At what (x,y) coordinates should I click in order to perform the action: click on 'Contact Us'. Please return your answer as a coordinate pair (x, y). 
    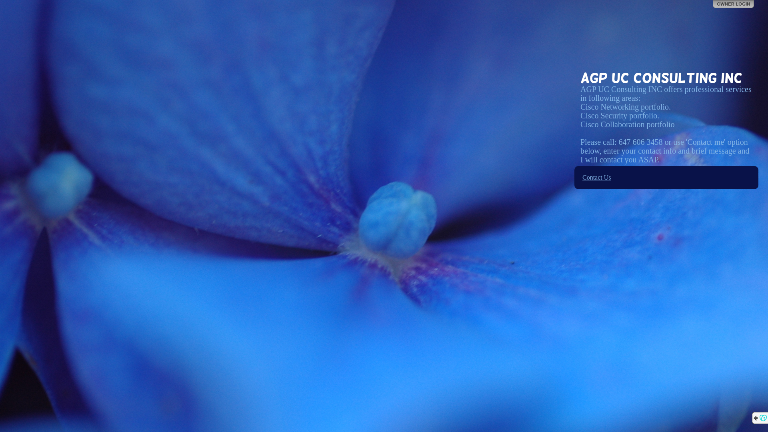
    Looking at the image, I should click on (597, 177).